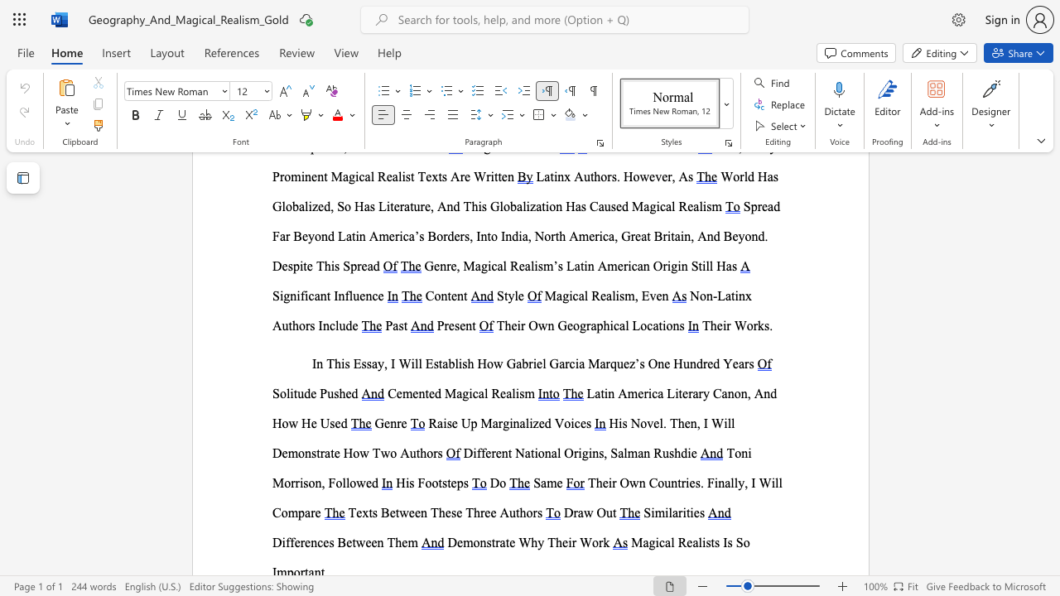 The height and width of the screenshot is (596, 1060). What do you see at coordinates (456, 483) in the screenshot?
I see `the subset text "ps" within the text "His Footsteps"` at bounding box center [456, 483].